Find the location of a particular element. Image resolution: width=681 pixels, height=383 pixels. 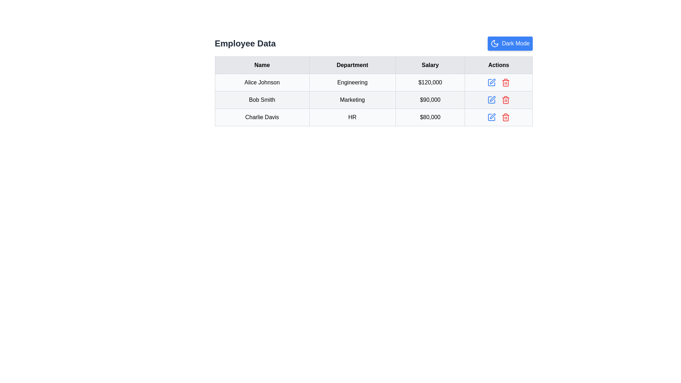

the table header cell labeled 'Salary', which is the third header in a row of four, positioned below the 'Employee Data' title is located at coordinates (430, 65).